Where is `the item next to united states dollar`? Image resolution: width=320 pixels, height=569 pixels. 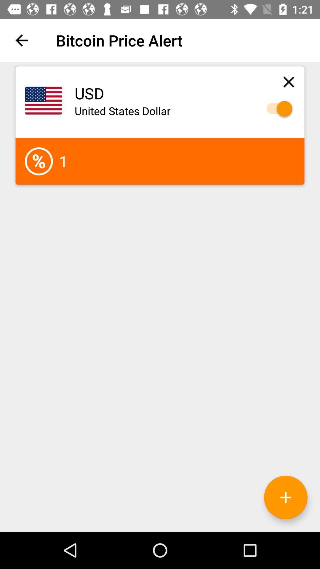 the item next to united states dollar is located at coordinates (276, 109).